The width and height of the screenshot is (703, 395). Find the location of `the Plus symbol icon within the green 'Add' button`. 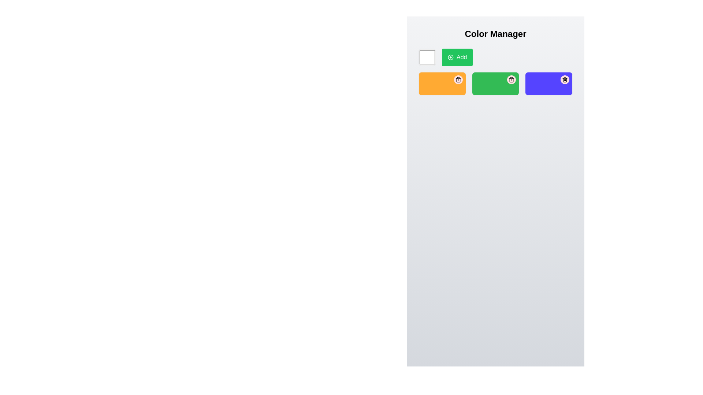

the Plus symbol icon within the green 'Add' button is located at coordinates (450, 57).